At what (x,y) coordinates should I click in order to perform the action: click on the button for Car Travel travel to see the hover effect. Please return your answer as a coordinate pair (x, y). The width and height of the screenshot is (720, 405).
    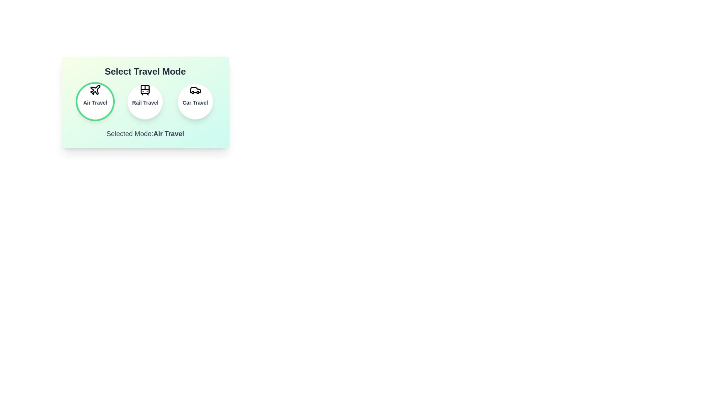
    Looking at the image, I should click on (195, 101).